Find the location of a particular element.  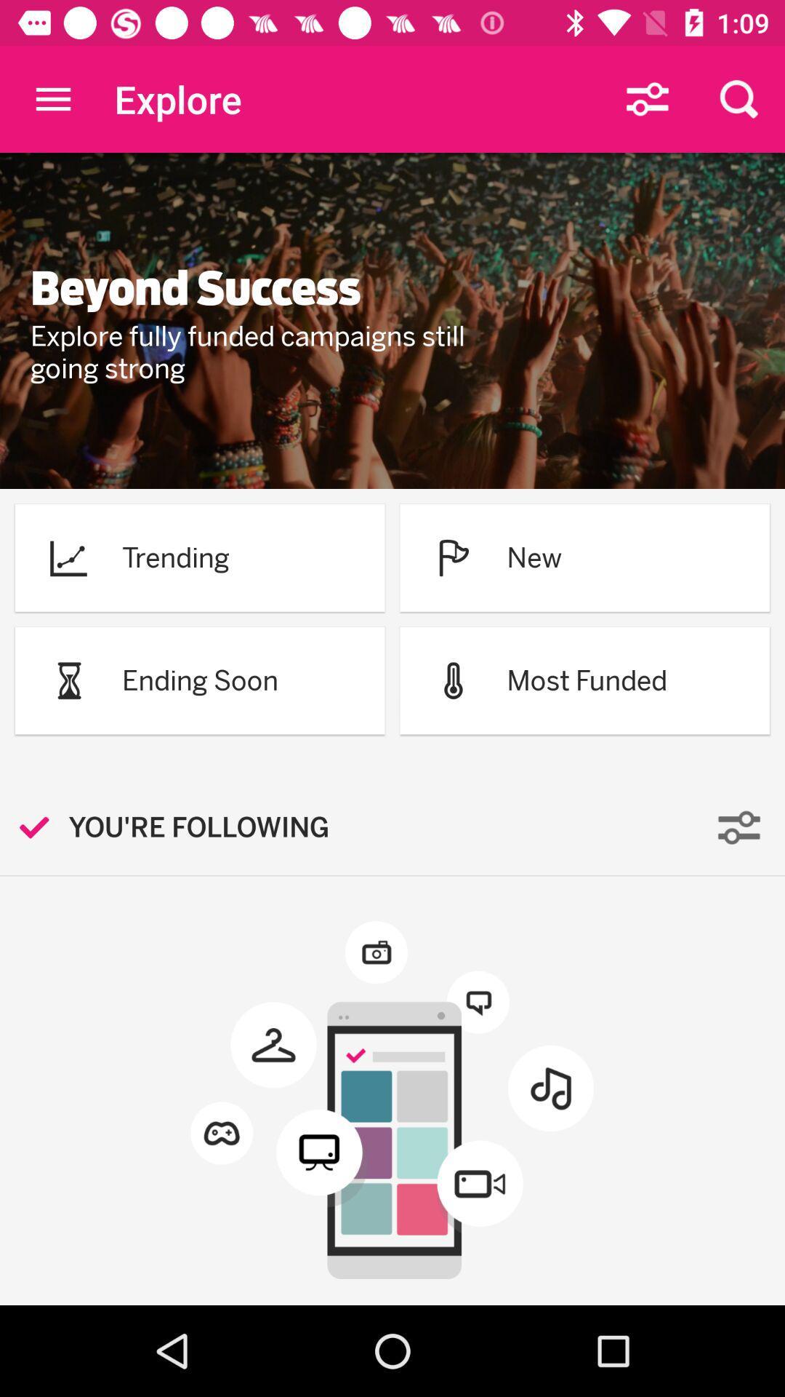

the item above most funded is located at coordinates (534, 557).